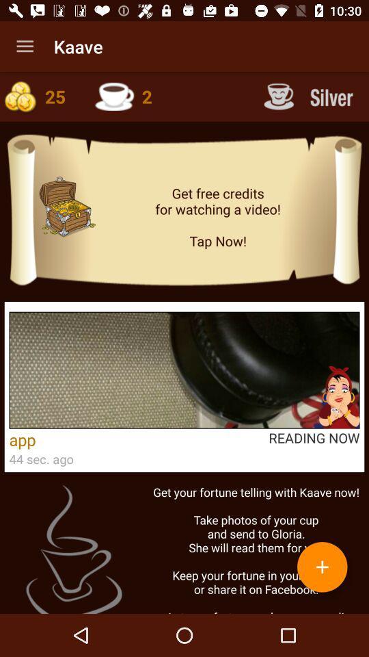  Describe the element at coordinates (25, 47) in the screenshot. I see `item next to the kaave app` at that location.